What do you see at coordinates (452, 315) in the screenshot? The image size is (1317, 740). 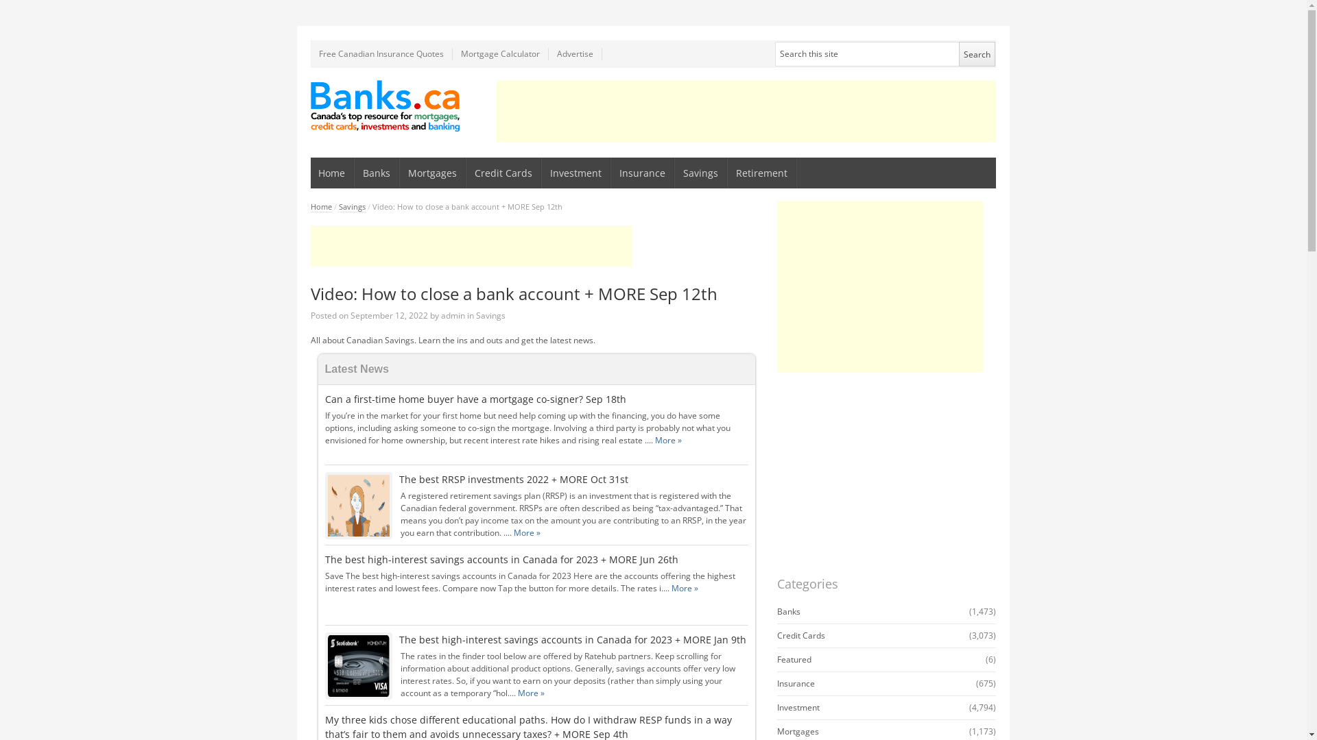 I see `'admin'` at bounding box center [452, 315].